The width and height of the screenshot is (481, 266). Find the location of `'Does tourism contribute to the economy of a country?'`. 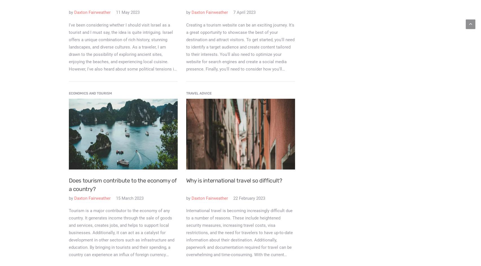

'Does tourism contribute to the economy of a country?' is located at coordinates (68, 184).